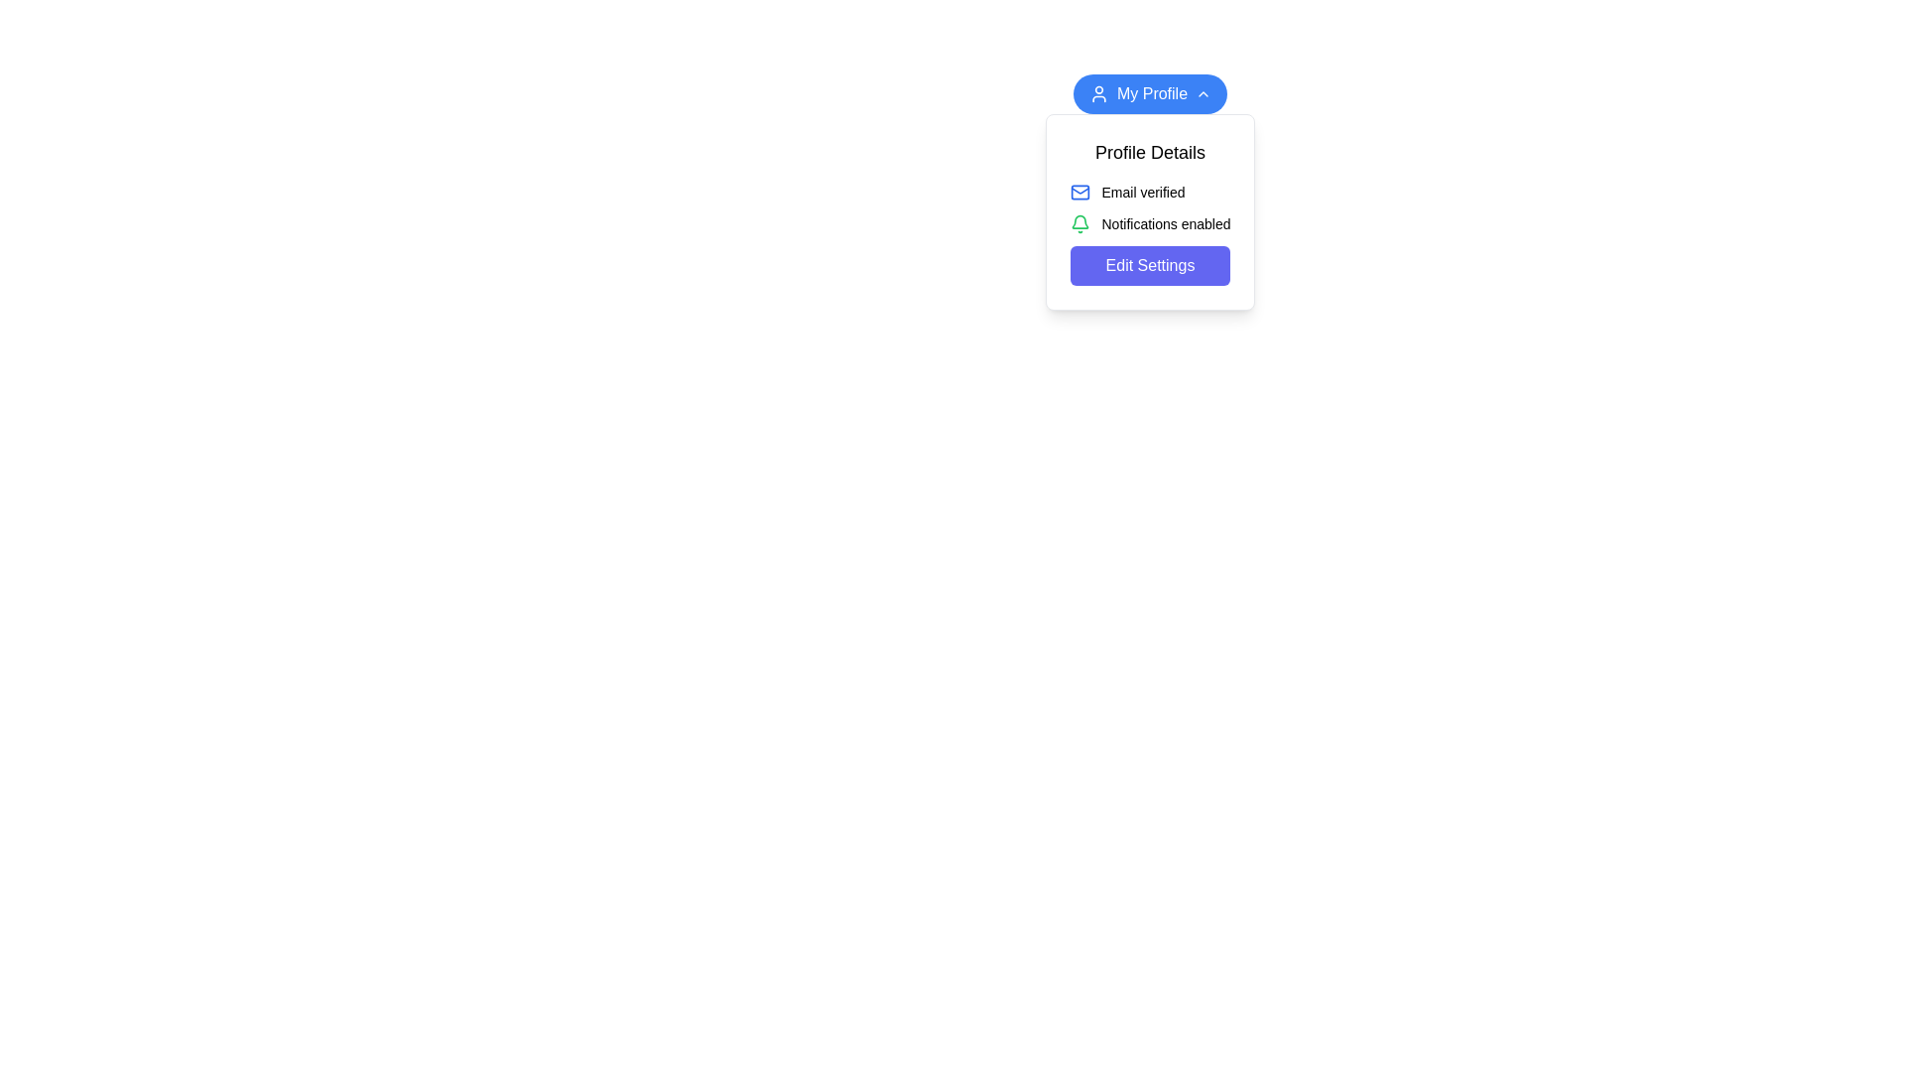  Describe the element at coordinates (1203, 94) in the screenshot. I see `the chevron-up icon located to the far right of the blue 'My Profile' button, which indicates collapsible functionality` at that location.